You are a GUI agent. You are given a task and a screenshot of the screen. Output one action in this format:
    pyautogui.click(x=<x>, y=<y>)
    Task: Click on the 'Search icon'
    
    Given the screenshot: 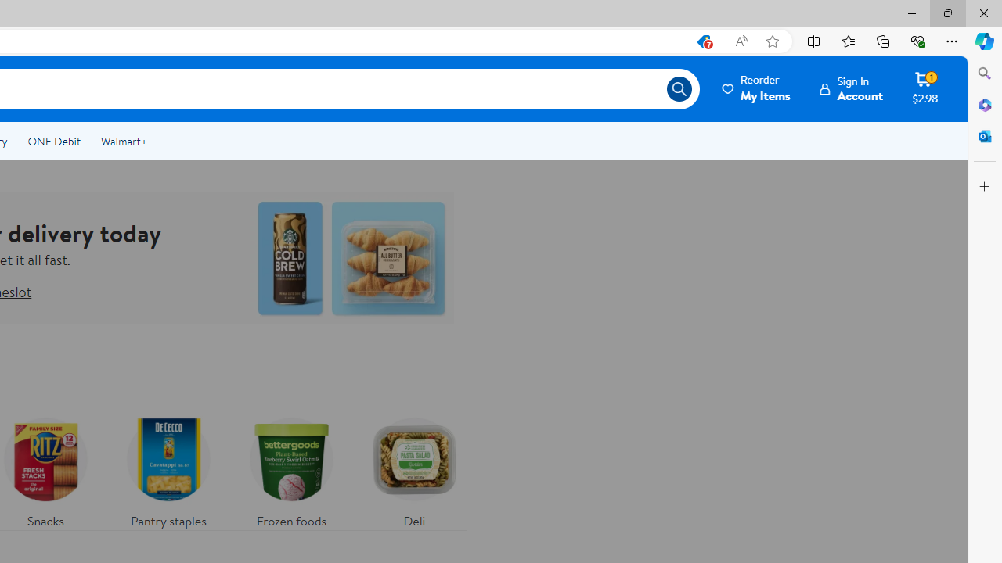 What is the action you would take?
    pyautogui.click(x=679, y=89)
    